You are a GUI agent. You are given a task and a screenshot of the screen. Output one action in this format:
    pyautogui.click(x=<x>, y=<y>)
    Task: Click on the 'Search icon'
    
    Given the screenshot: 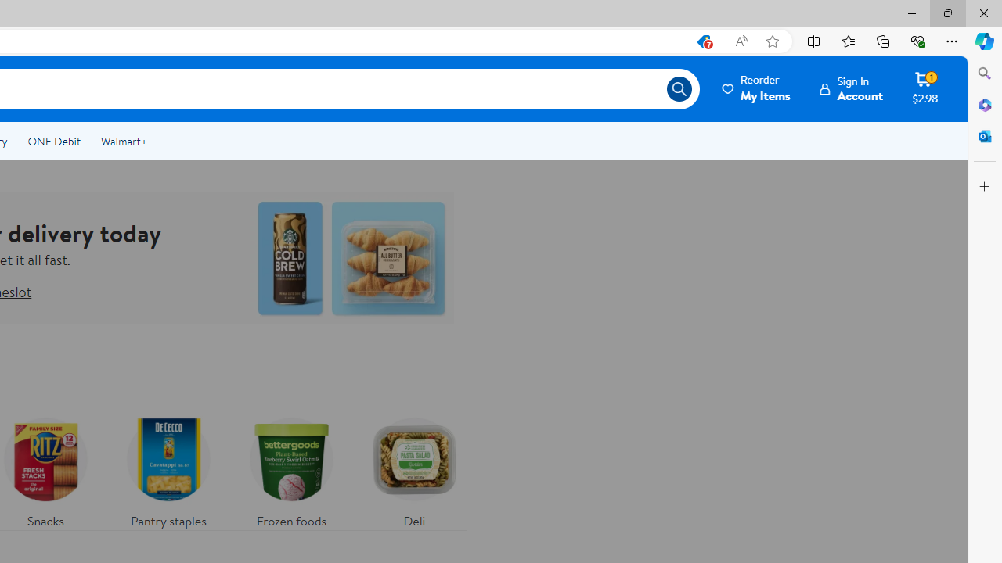 What is the action you would take?
    pyautogui.click(x=679, y=89)
    